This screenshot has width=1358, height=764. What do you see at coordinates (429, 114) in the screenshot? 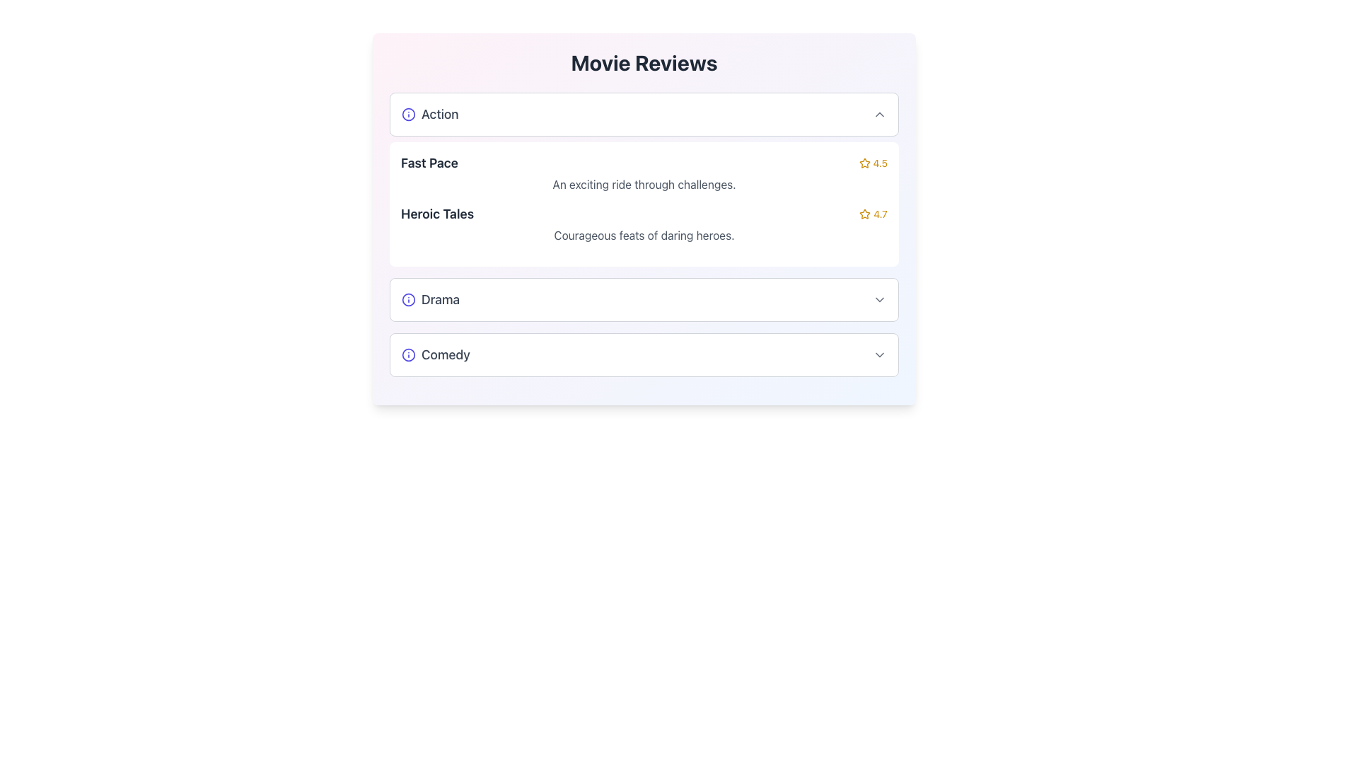
I see `text contents of the Text Label that denotes a category for items under the 'Movie Reviews' header, positioned at the top-left of the section labeled 'Action'` at bounding box center [429, 114].